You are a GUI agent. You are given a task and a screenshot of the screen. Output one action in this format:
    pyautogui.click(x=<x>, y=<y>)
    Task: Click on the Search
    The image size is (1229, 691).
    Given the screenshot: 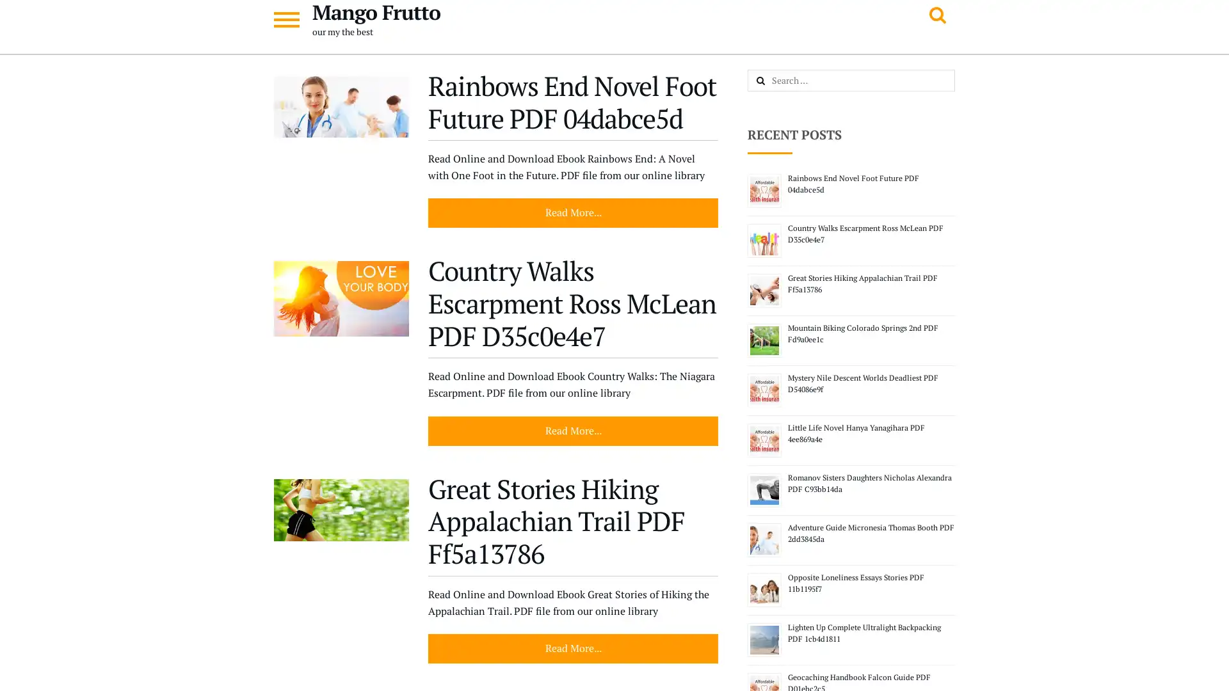 What is the action you would take?
    pyautogui.click(x=774, y=81)
    